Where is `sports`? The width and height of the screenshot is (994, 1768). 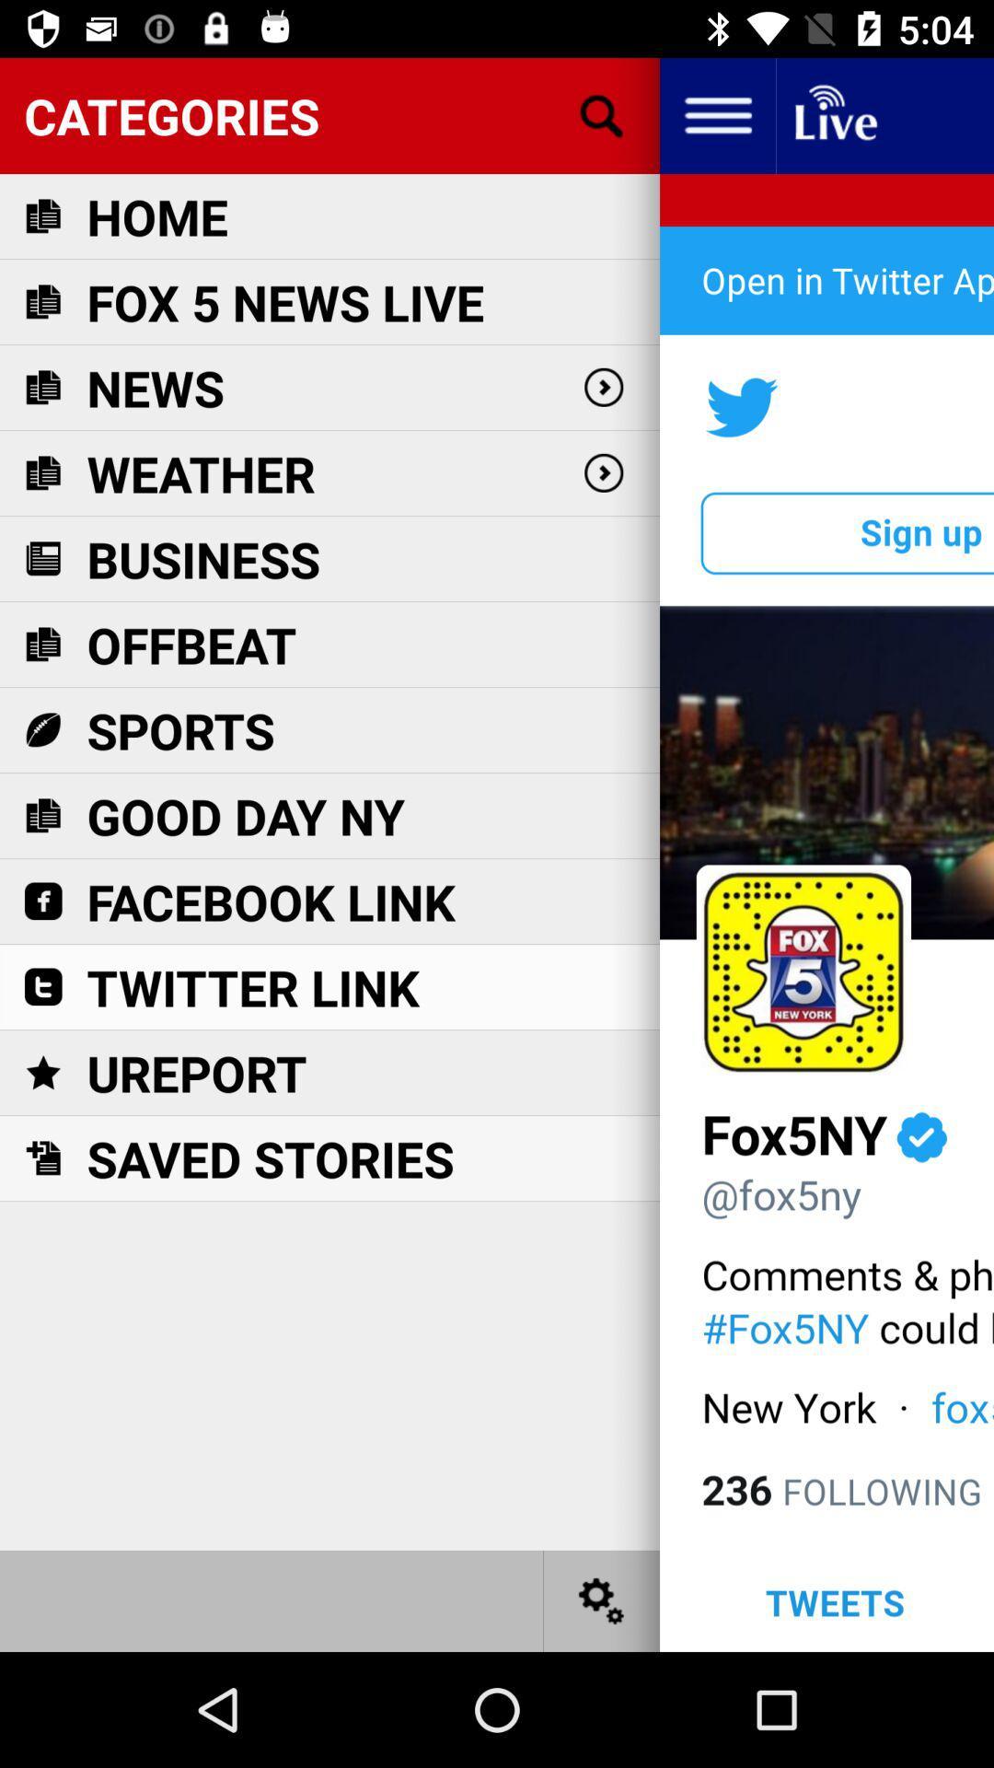
sports is located at coordinates (180, 729).